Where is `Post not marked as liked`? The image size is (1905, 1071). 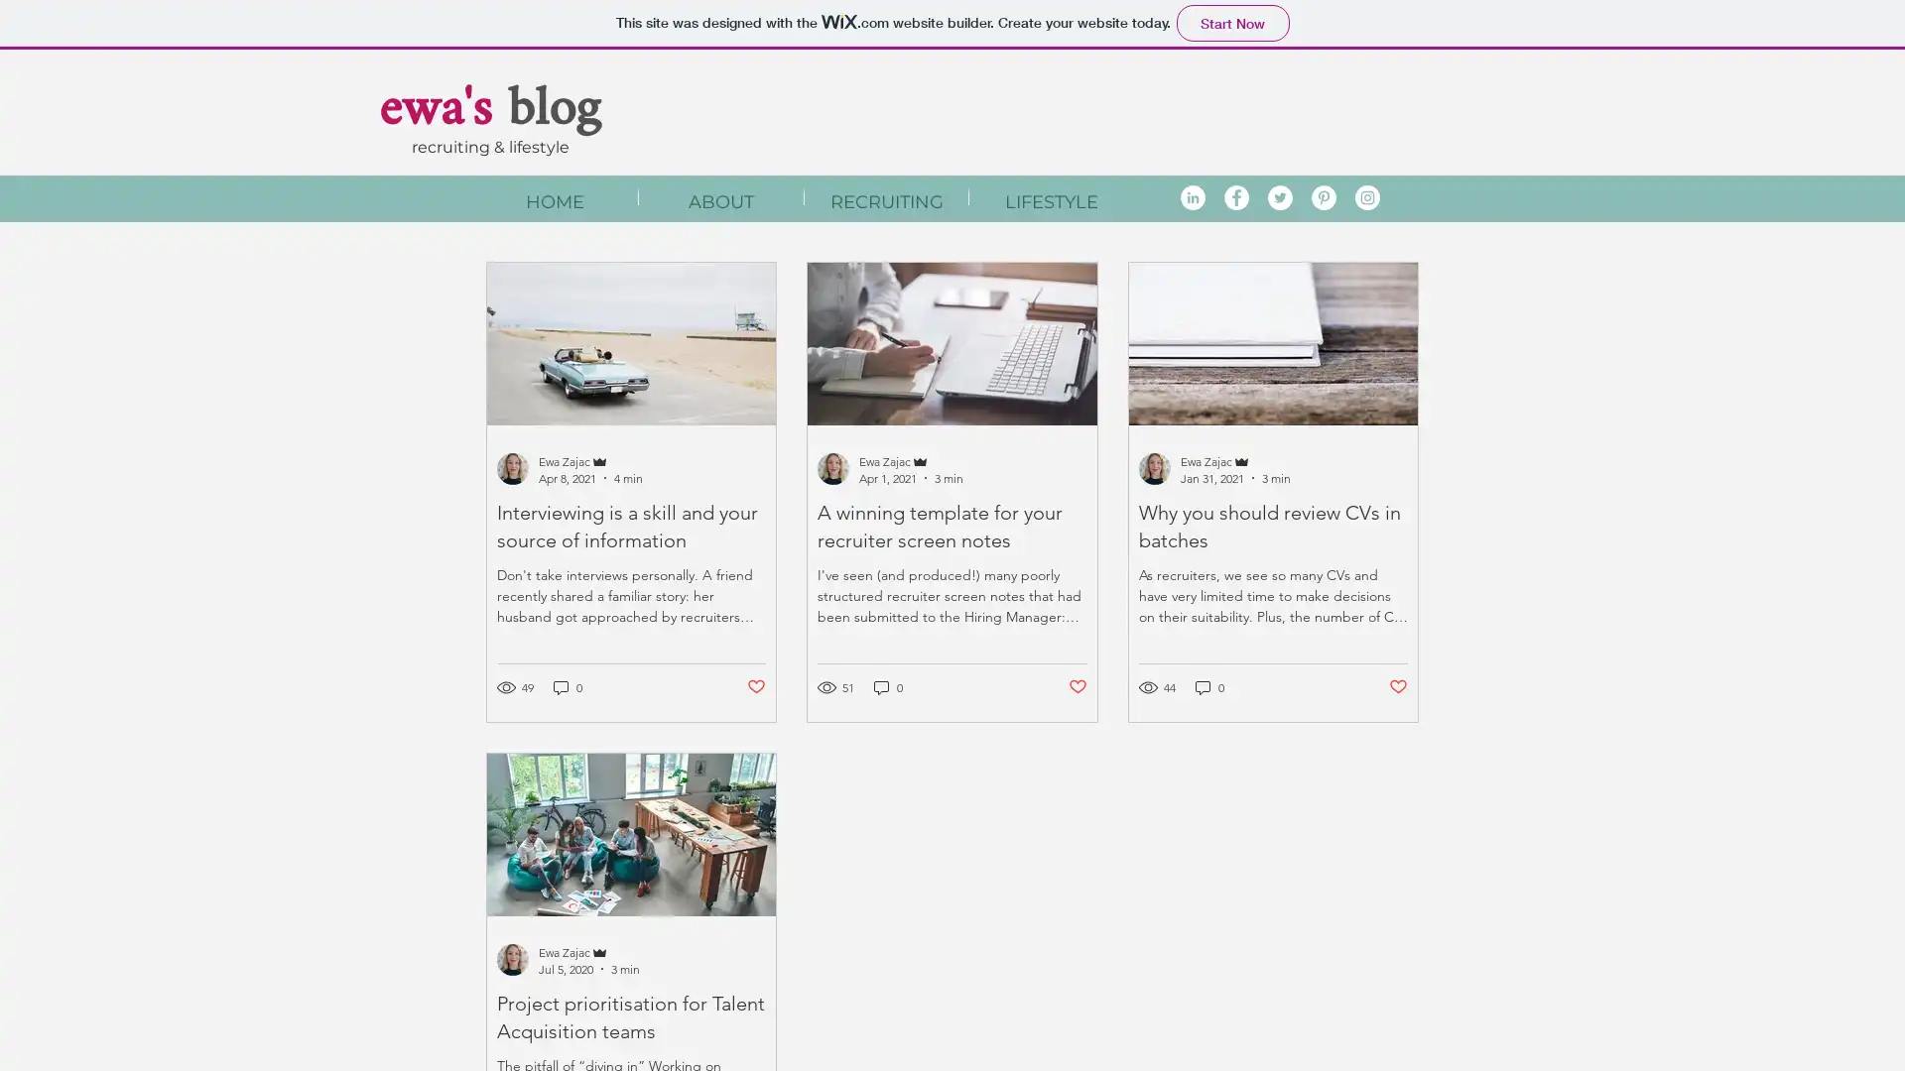
Post not marked as liked is located at coordinates (1077, 686).